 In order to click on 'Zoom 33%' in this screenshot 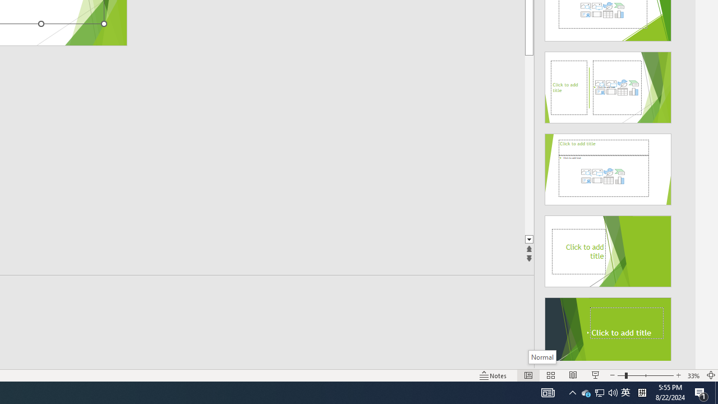, I will do `click(693, 375)`.